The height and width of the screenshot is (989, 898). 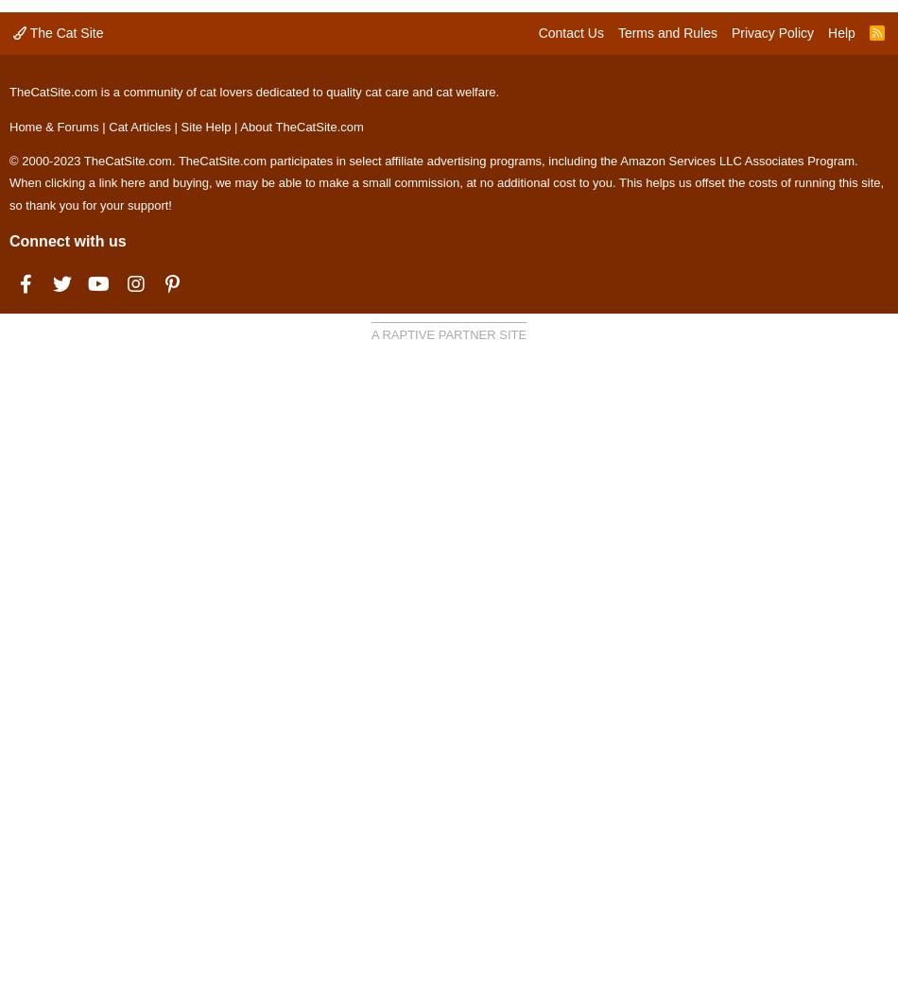 What do you see at coordinates (205, 125) in the screenshot?
I see `'Site Help'` at bounding box center [205, 125].